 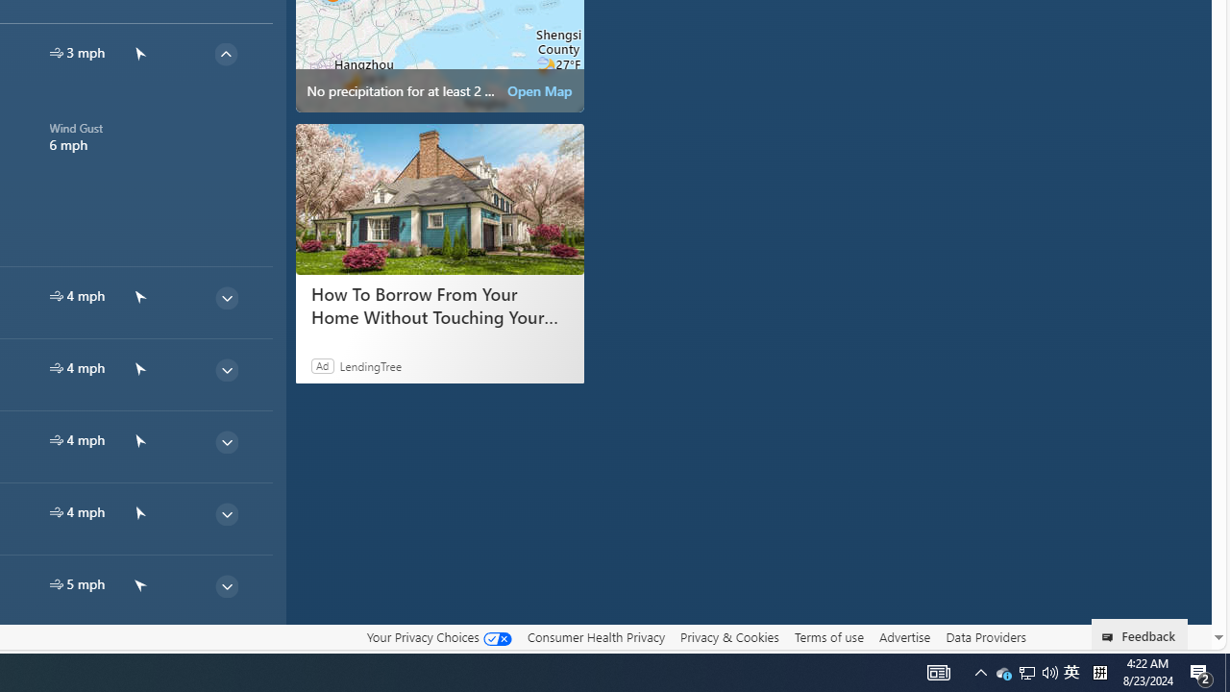 I want to click on 'hourlyTable/wind', so click(x=56, y=583).